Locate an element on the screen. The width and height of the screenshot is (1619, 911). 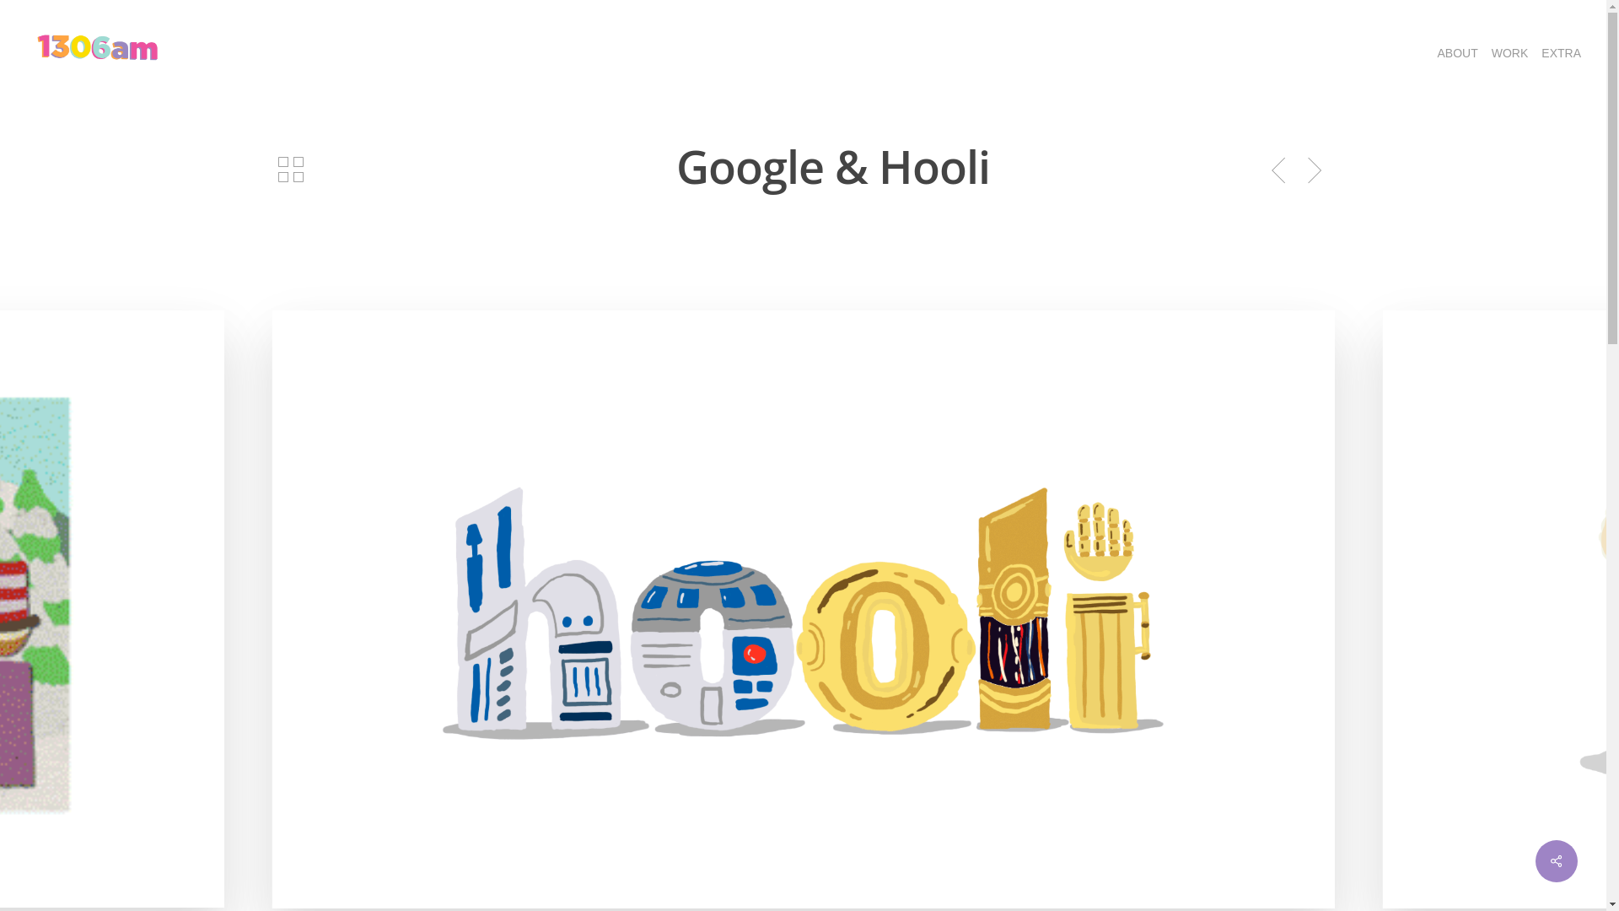
'EXTRA' is located at coordinates (1560, 51).